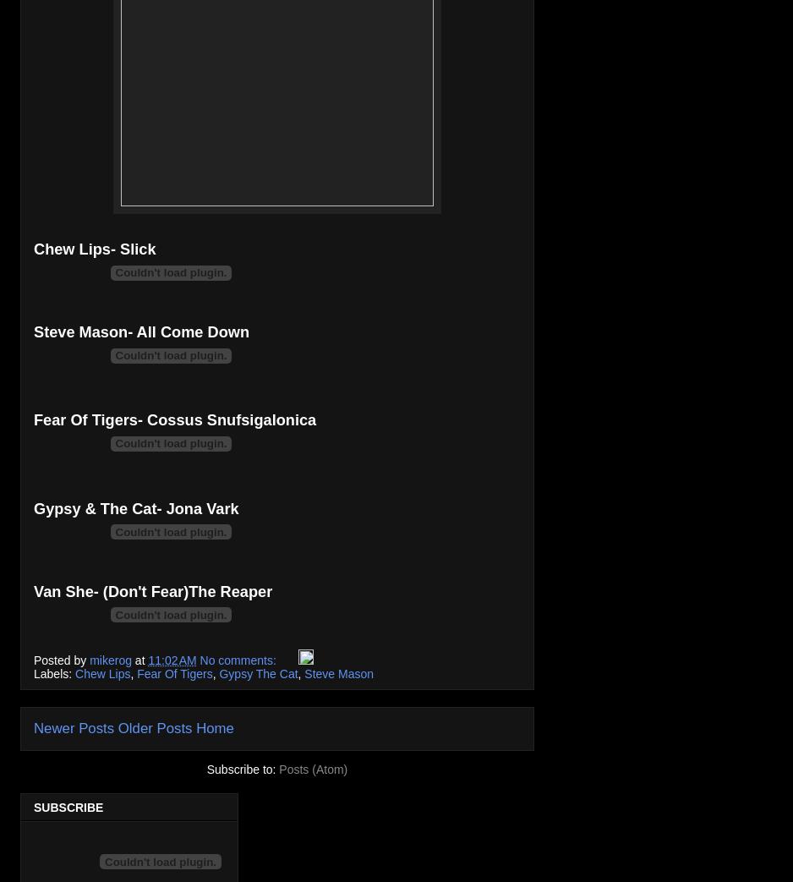  What do you see at coordinates (68, 806) in the screenshot?
I see `'SUBSCRIBE'` at bounding box center [68, 806].